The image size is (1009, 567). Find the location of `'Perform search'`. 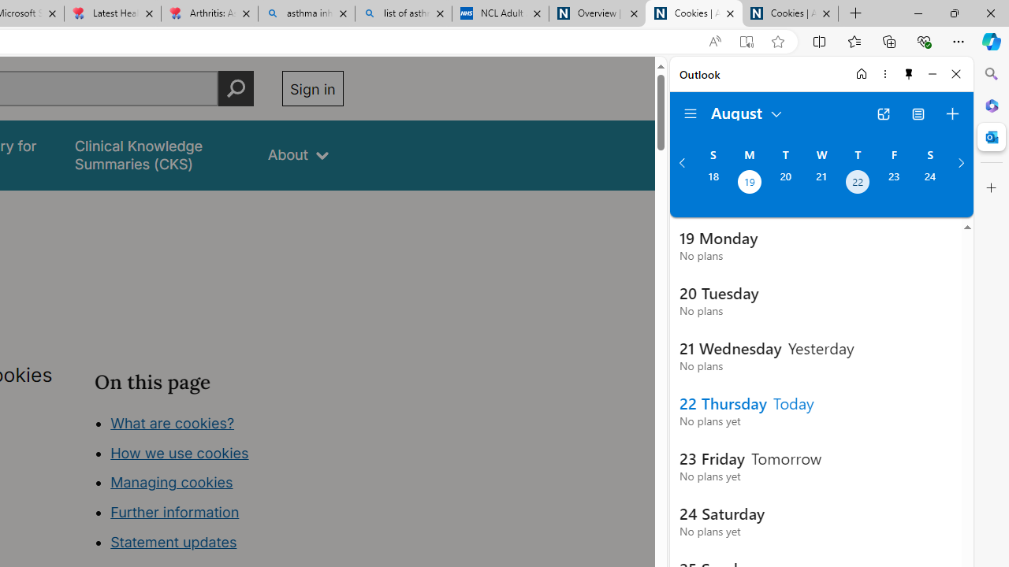

'Perform search' is located at coordinates (235, 88).